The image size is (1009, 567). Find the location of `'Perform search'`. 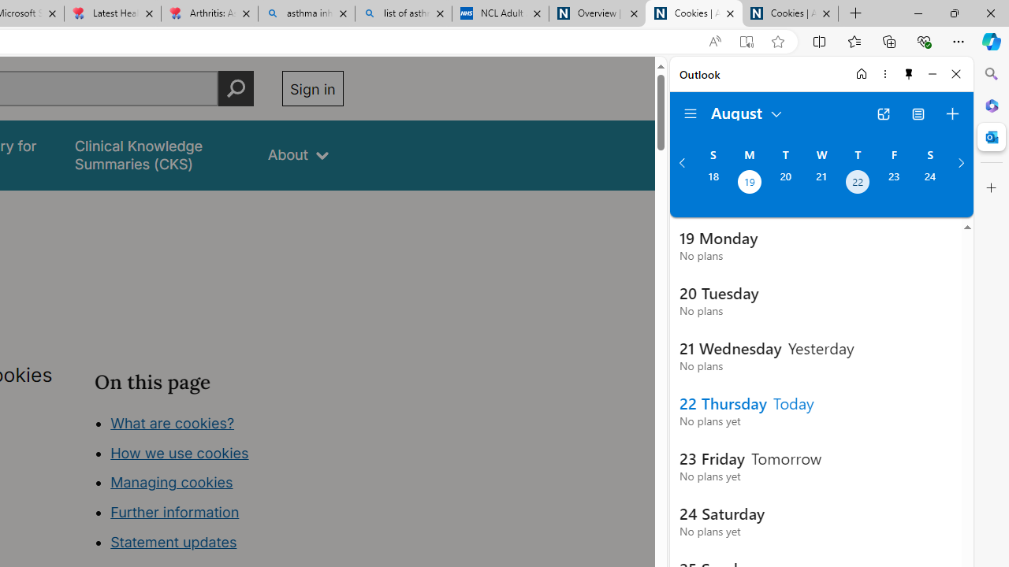

'Perform search' is located at coordinates (235, 88).